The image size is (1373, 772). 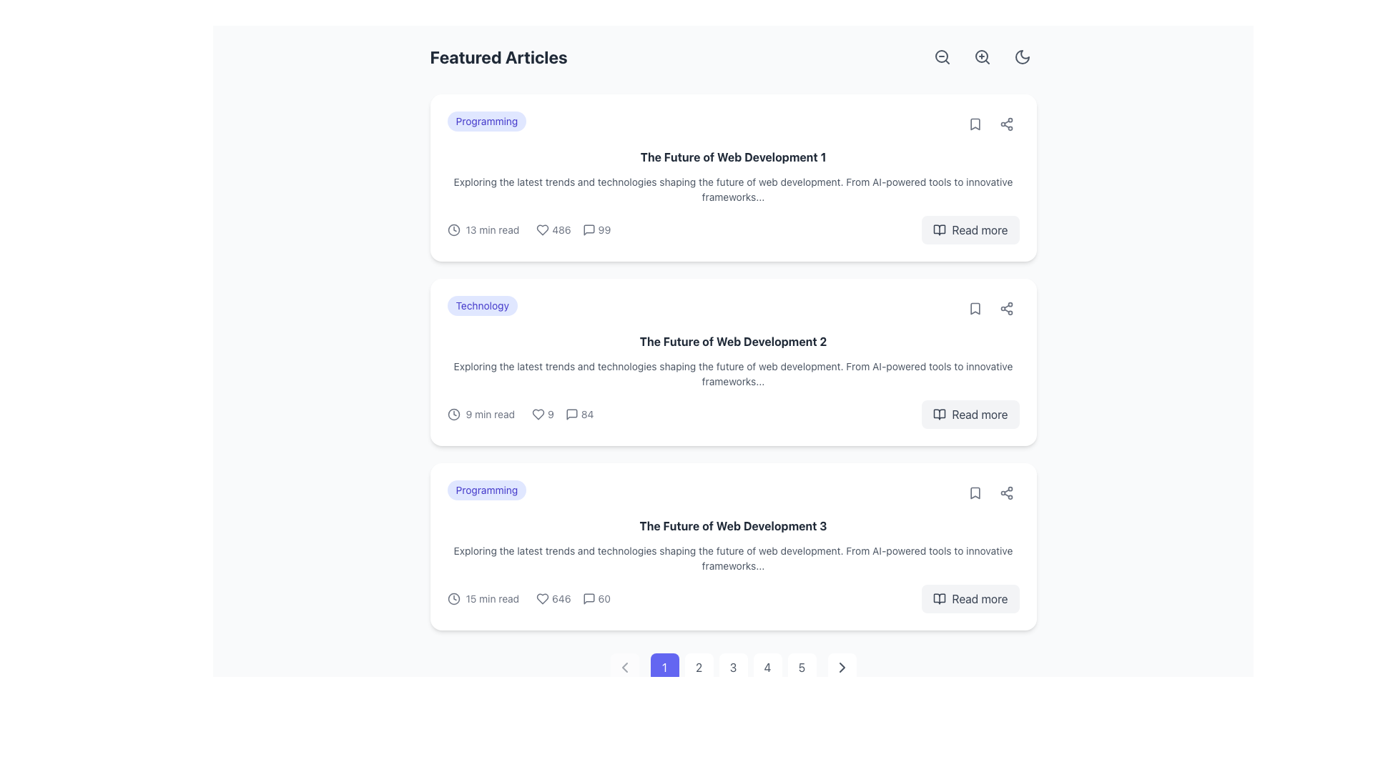 What do you see at coordinates (589, 229) in the screenshot?
I see `the speech bubble icon representing message or comment action, located to the right of the heart icon in the first article card titled 'The Future of Web Development 1'` at bounding box center [589, 229].